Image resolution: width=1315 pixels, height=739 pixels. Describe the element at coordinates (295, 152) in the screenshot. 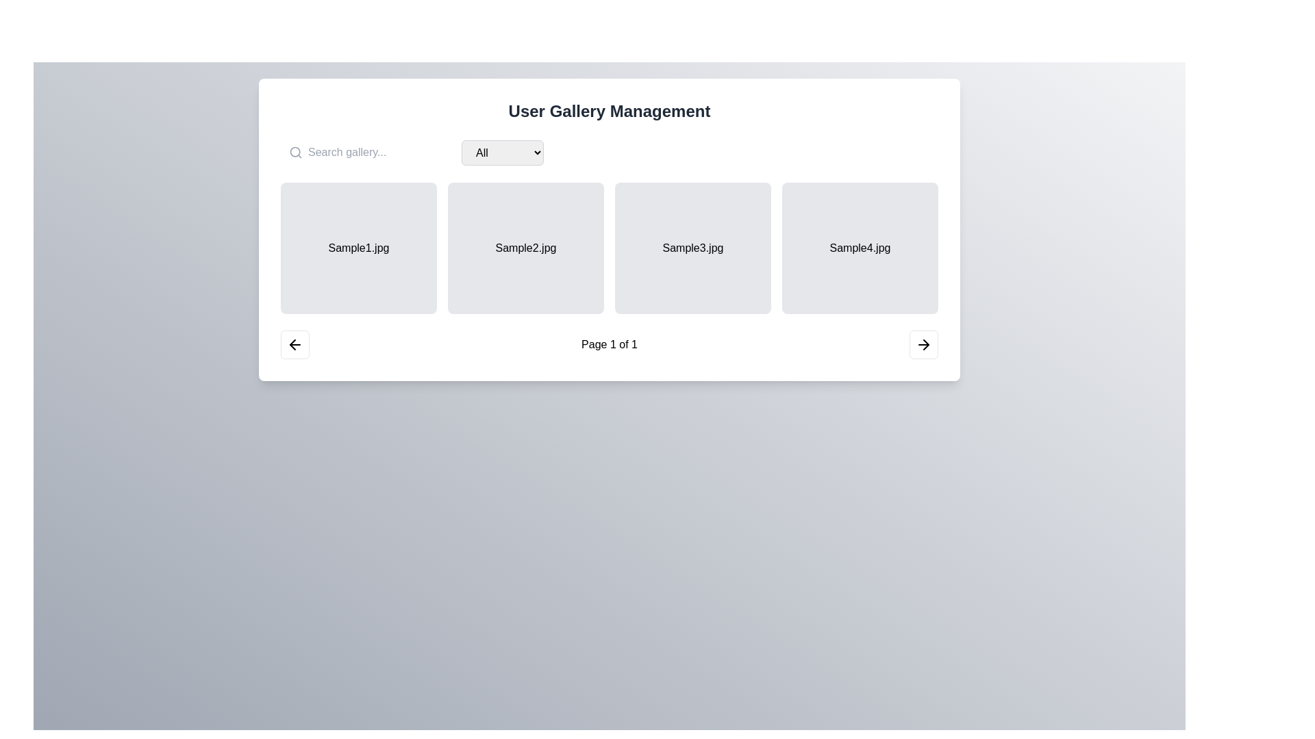

I see `the magnifying glass icon element located in the left part of the search bar` at that location.